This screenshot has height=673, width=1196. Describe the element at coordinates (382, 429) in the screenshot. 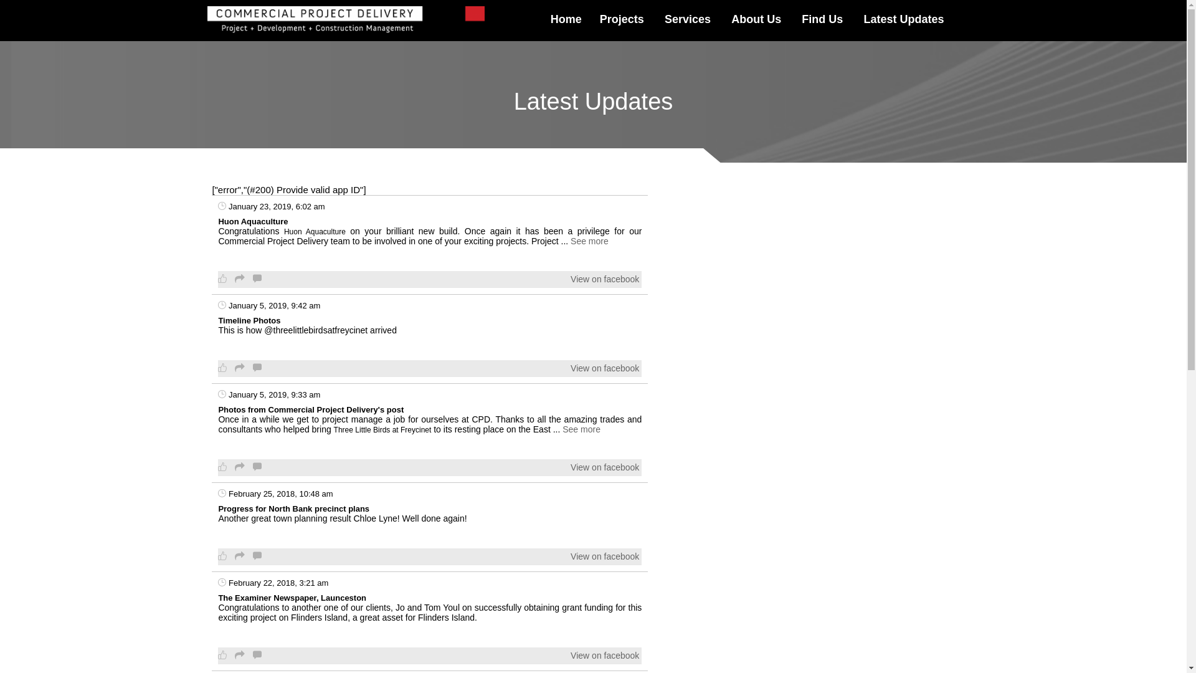

I see `'Three Little Birds at Freycinet'` at that location.